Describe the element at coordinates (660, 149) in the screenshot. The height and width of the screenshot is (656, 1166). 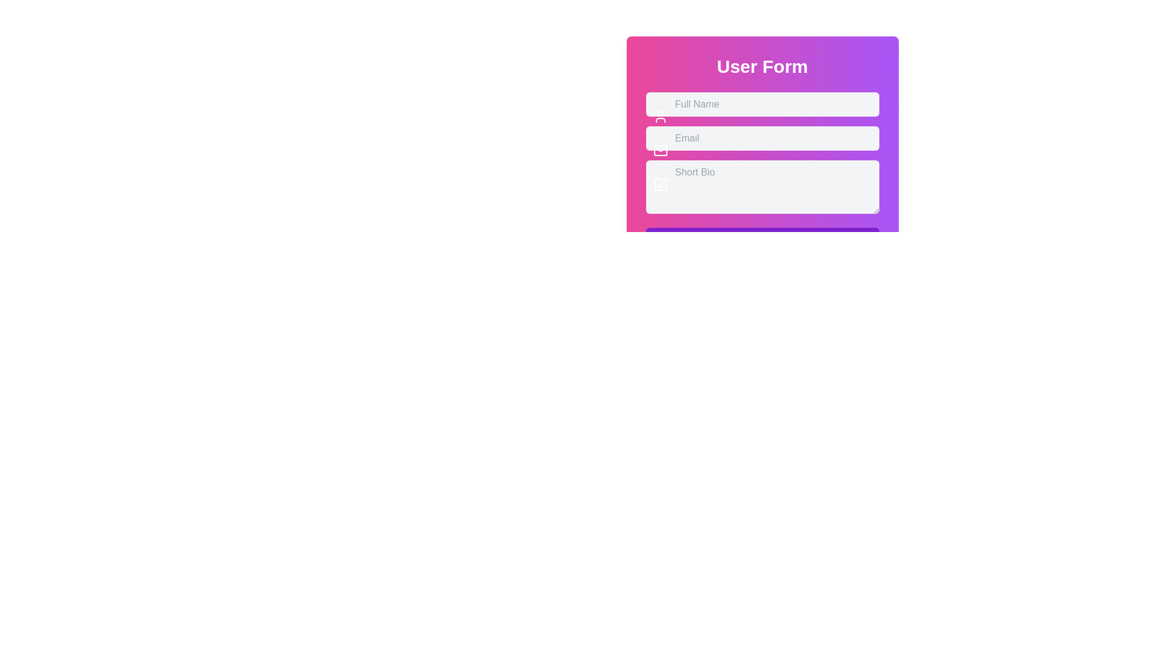
I see `the mail icon which is a minimalist styled icon with a white outline against a colored background, located to the left and above the center height of the input field labeled 'Email'` at that location.